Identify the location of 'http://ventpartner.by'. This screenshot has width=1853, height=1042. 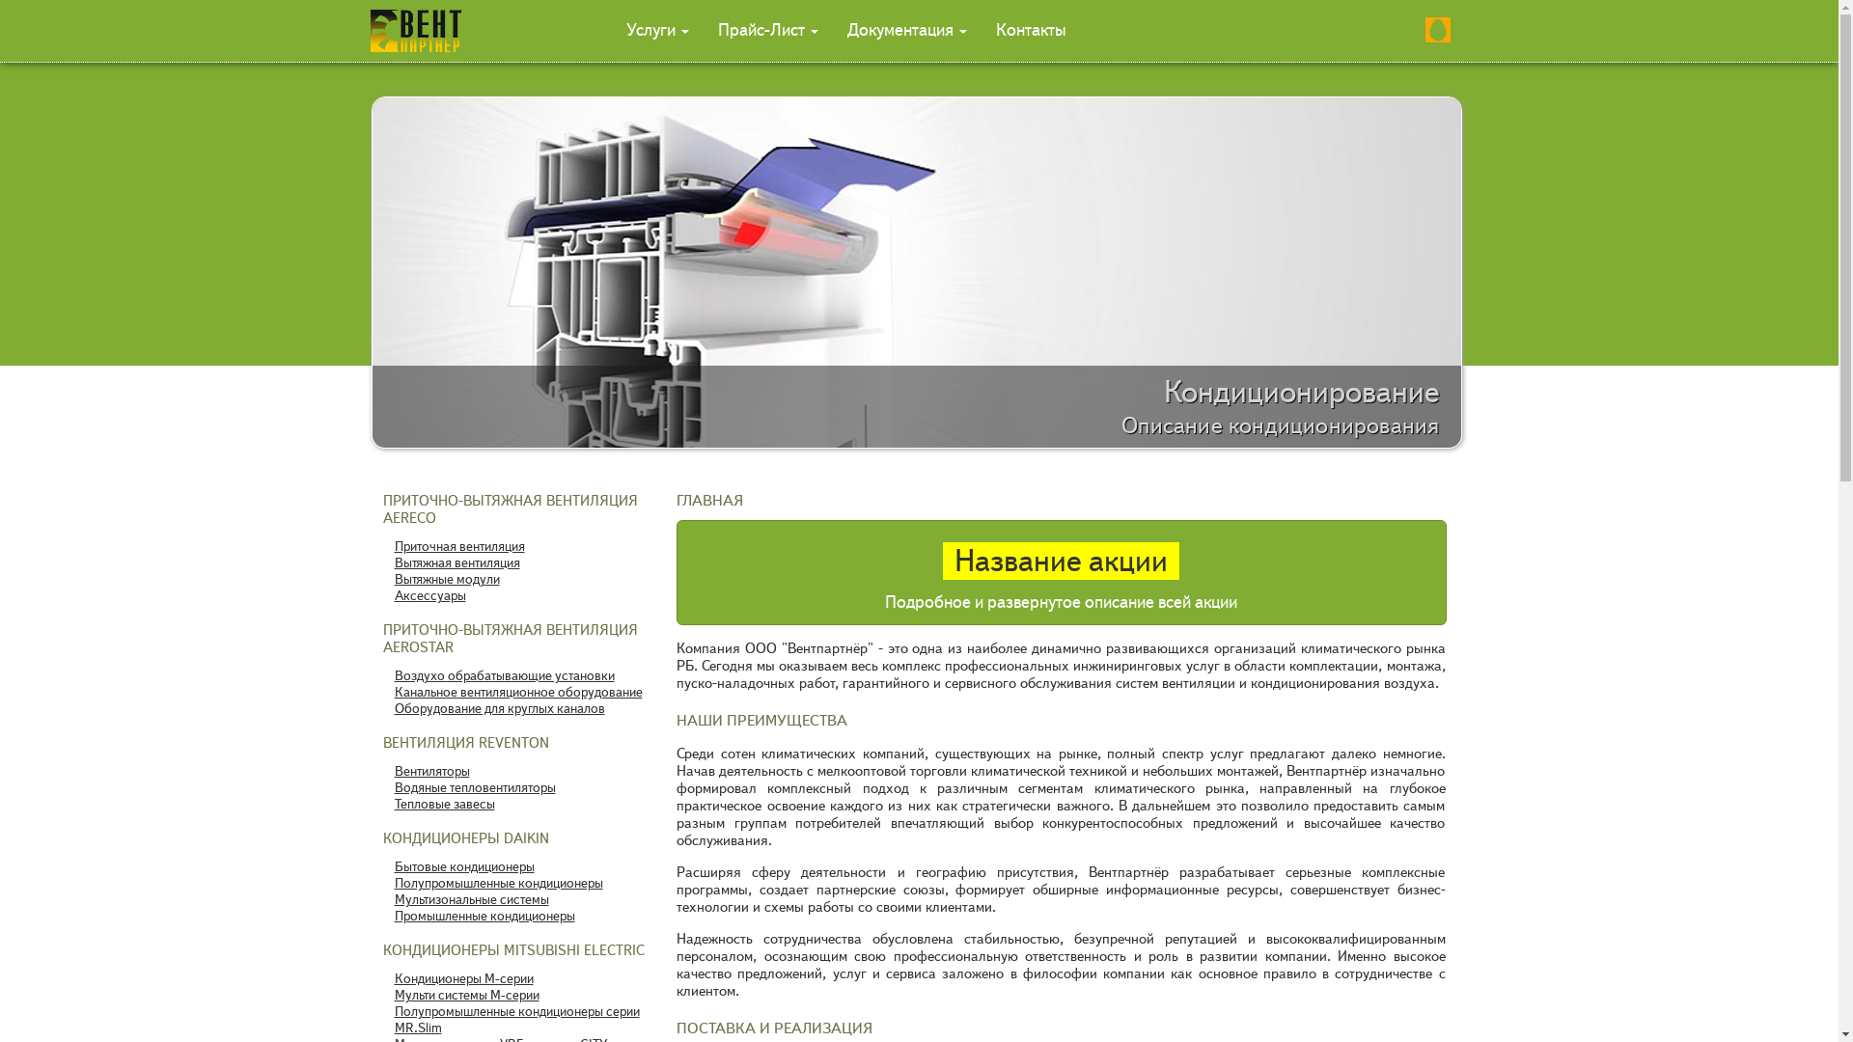
(401, 30).